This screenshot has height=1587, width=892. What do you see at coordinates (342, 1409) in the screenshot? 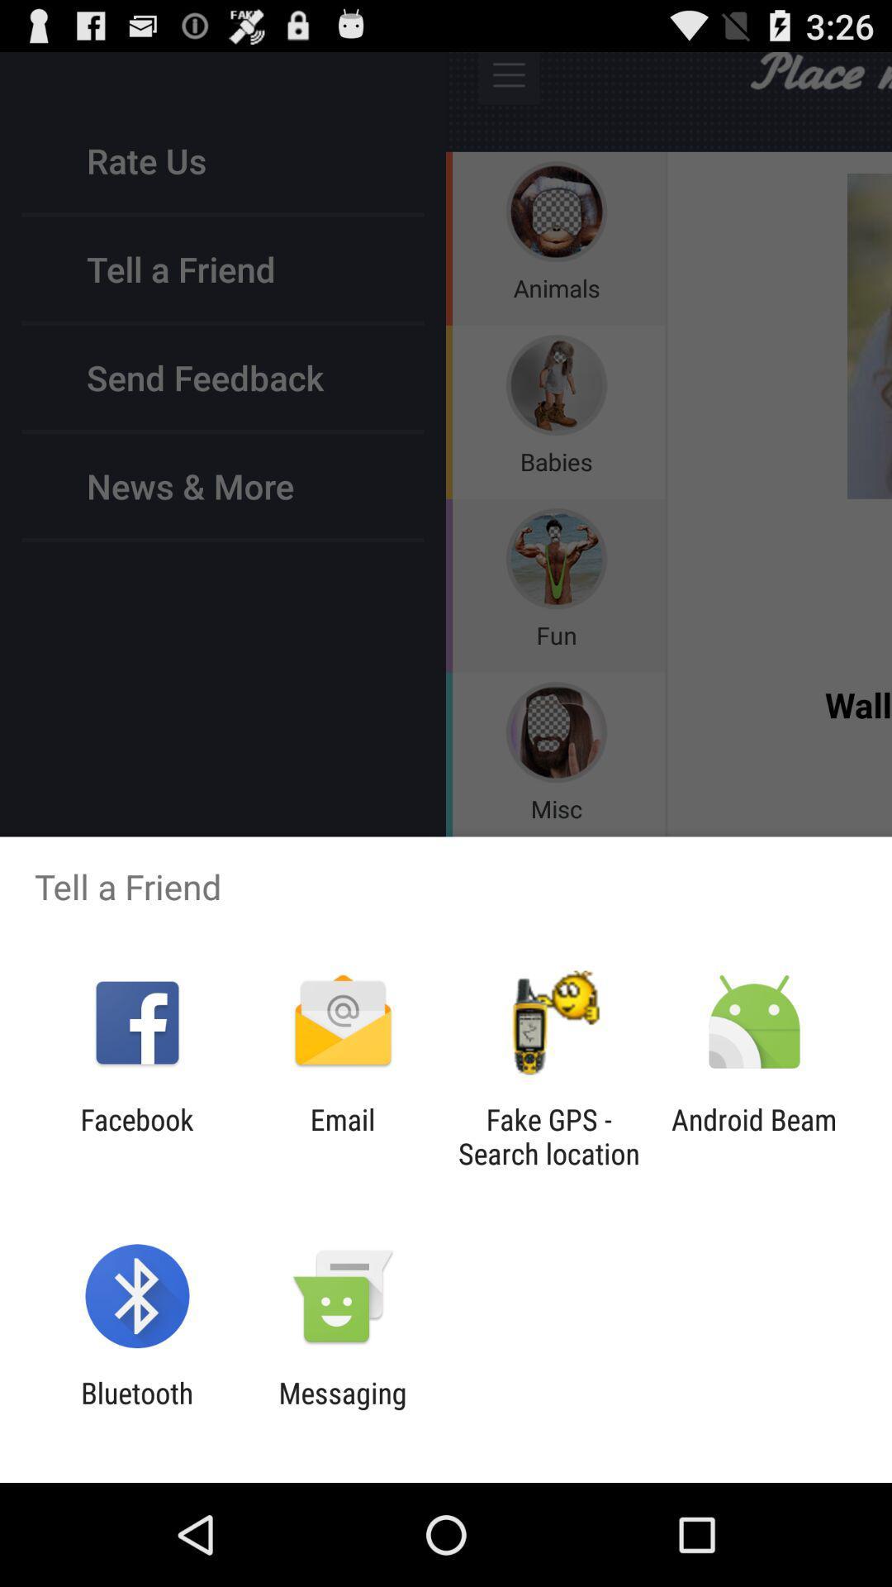
I see `the app to the right of bluetooth icon` at bounding box center [342, 1409].